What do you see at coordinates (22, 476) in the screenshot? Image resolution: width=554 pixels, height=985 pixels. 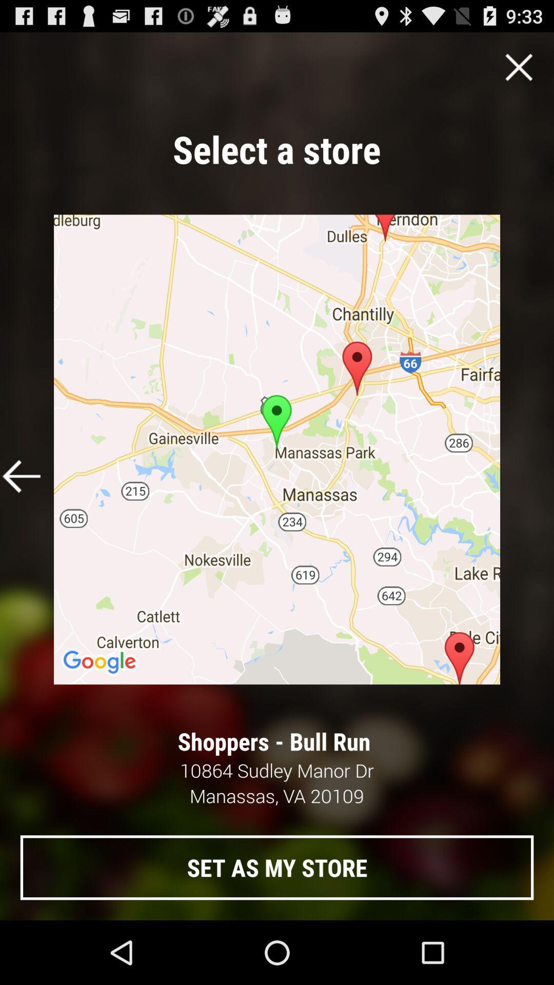 I see `go back` at bounding box center [22, 476].